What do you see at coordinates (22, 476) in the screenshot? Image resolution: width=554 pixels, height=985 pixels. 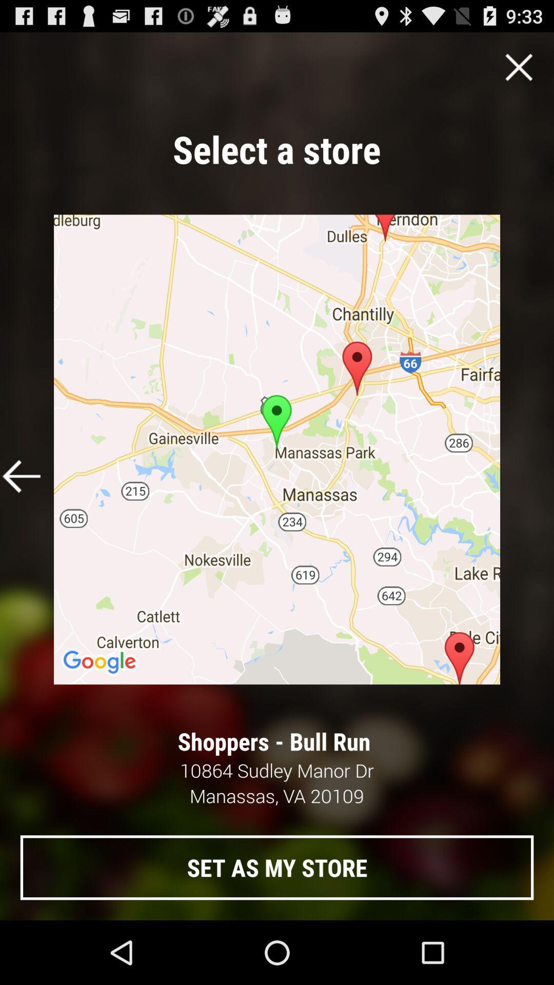 I see `go back` at bounding box center [22, 476].